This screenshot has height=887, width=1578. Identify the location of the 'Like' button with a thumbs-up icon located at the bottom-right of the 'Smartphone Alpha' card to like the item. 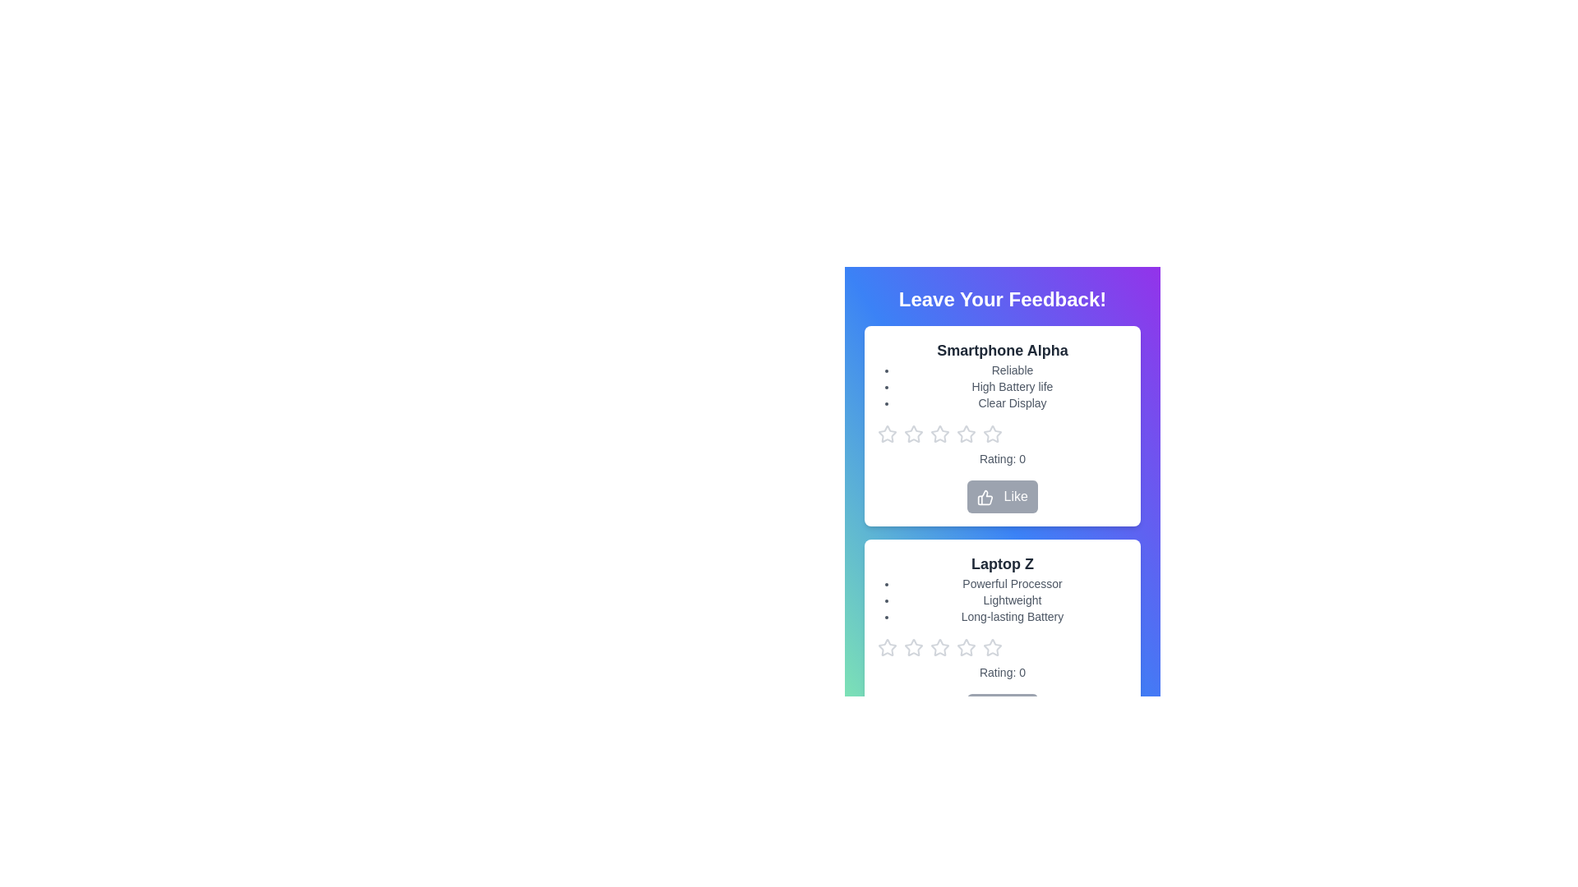
(1001, 496).